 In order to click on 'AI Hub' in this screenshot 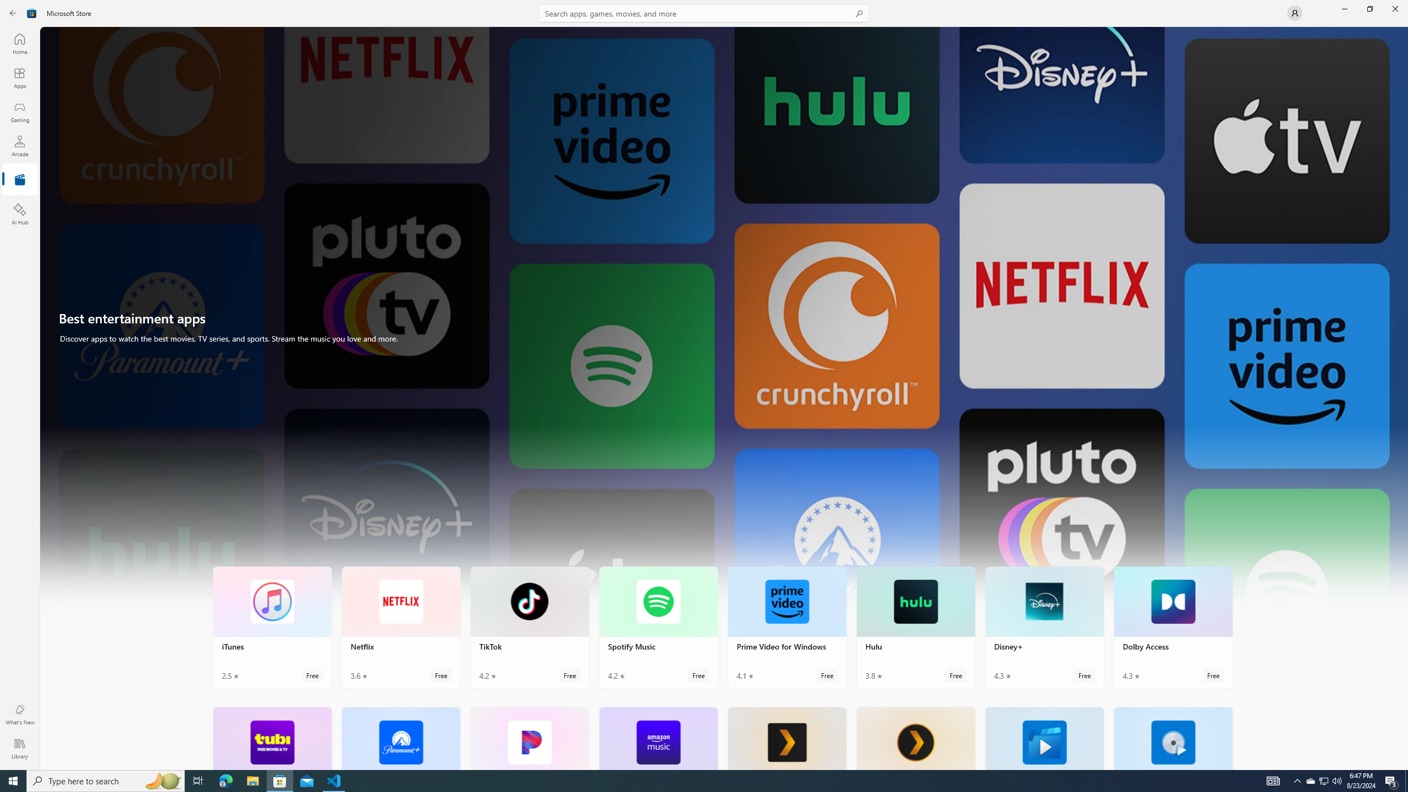, I will do `click(19, 213)`.